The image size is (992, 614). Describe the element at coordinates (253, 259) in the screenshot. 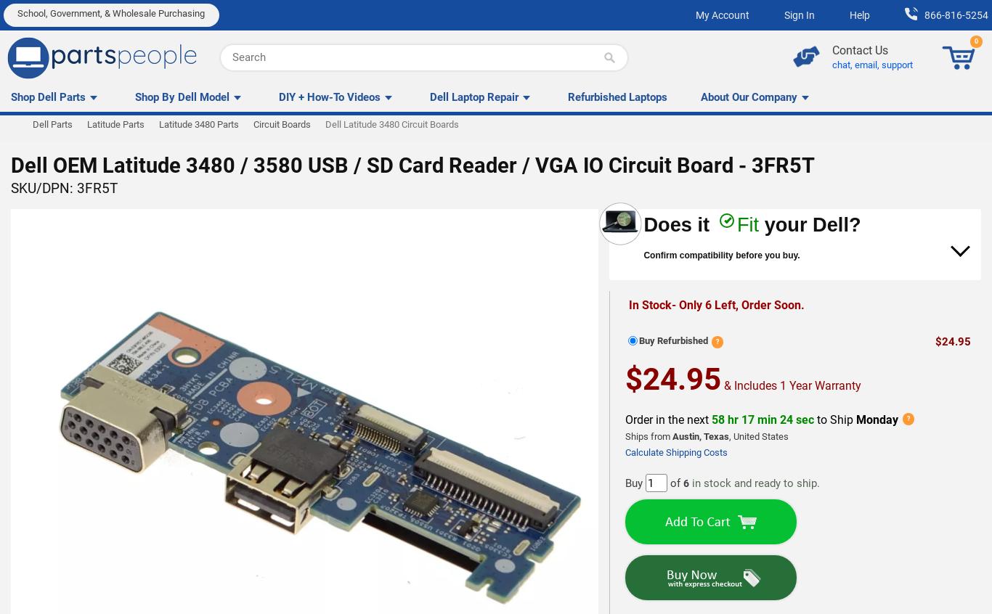

I see `'Full 3rd party guarantee of your purchase terms of sale of up to $1,000 is provided. Some restrictions apply...'` at that location.